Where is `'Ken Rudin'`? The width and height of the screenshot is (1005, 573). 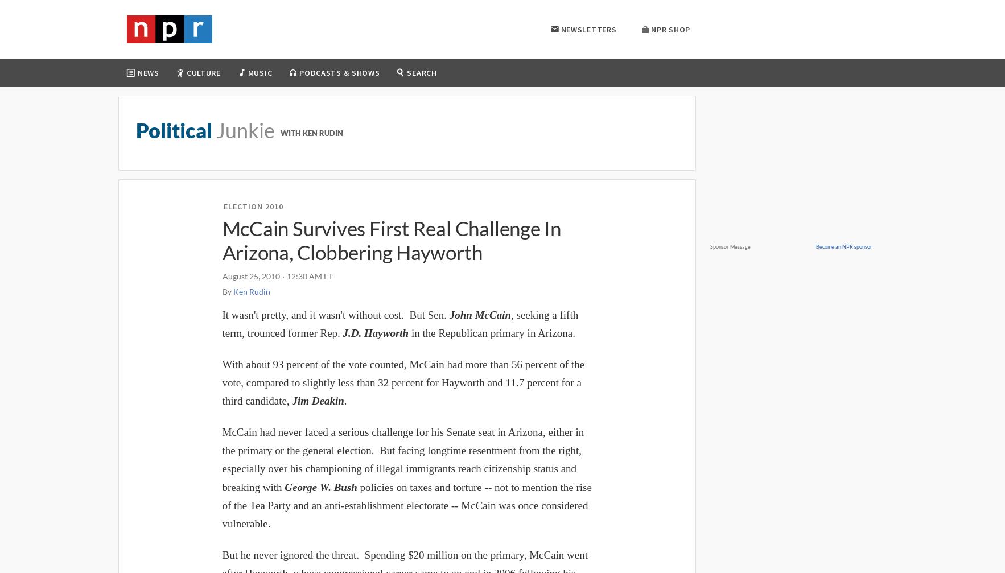 'Ken Rudin' is located at coordinates (250, 291).